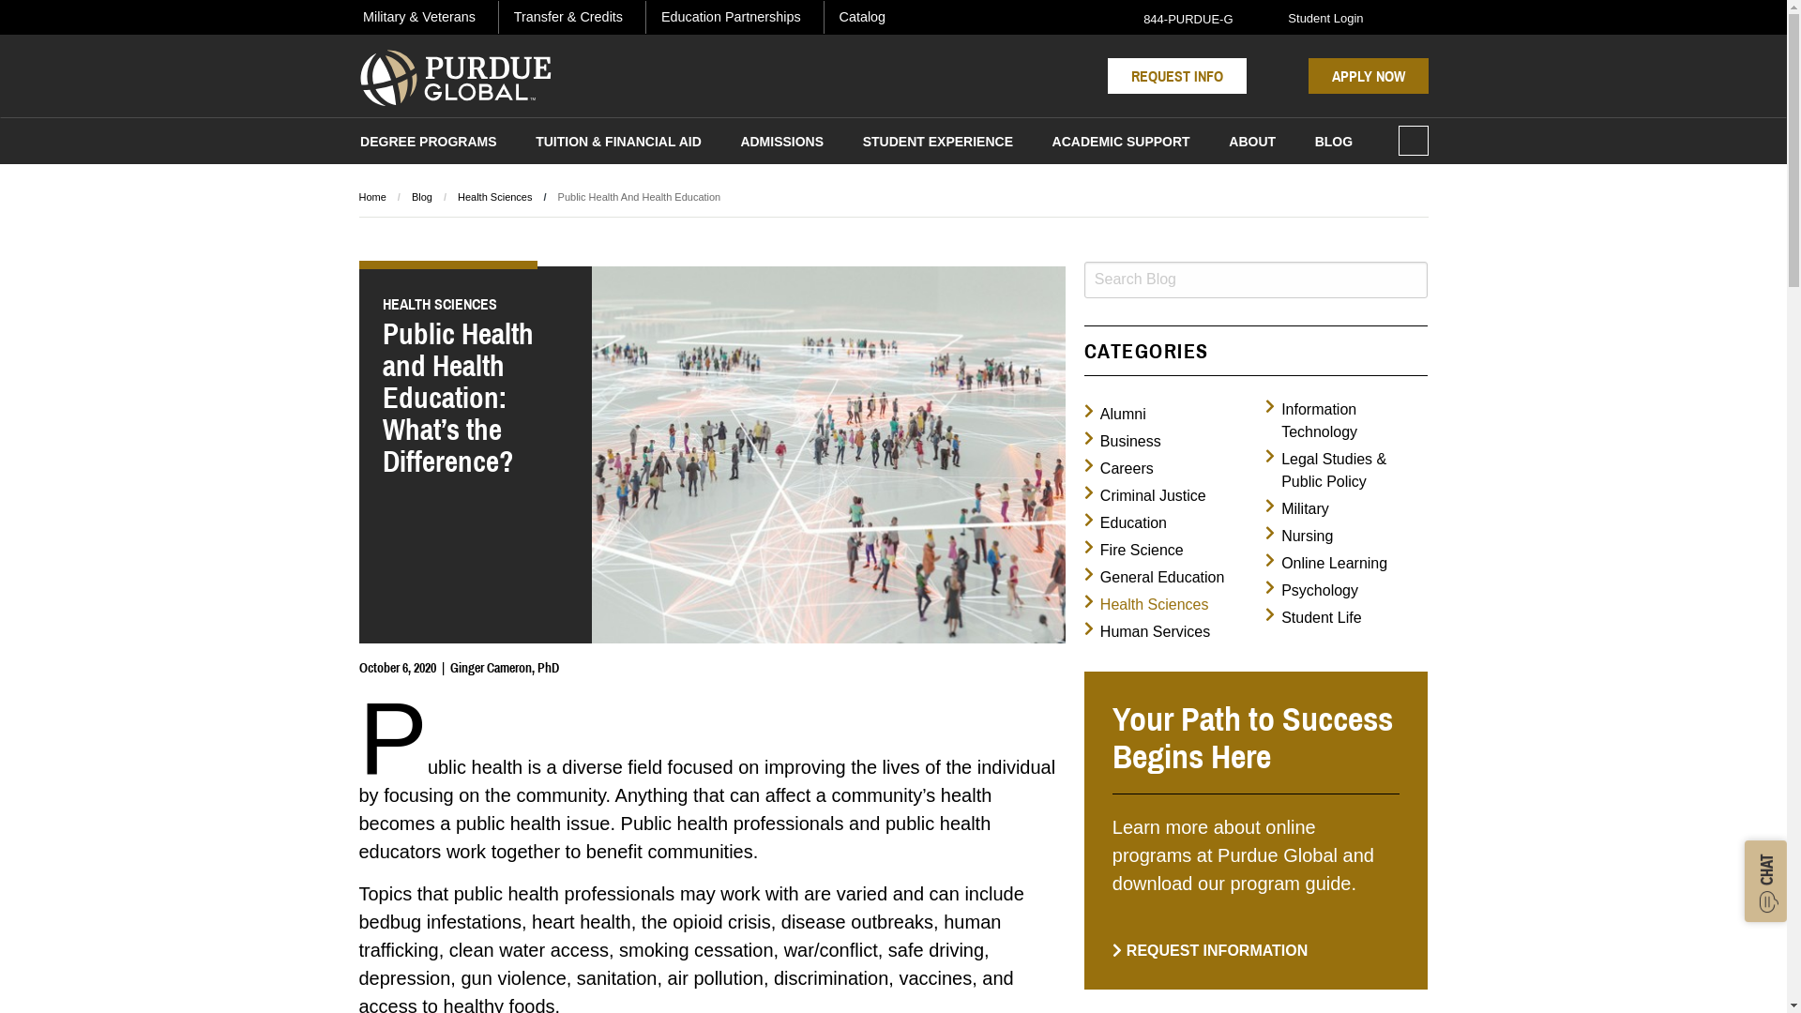 Image resolution: width=1801 pixels, height=1013 pixels. Describe the element at coordinates (734, 144) in the screenshot. I see `'ADMISSIONS'` at that location.